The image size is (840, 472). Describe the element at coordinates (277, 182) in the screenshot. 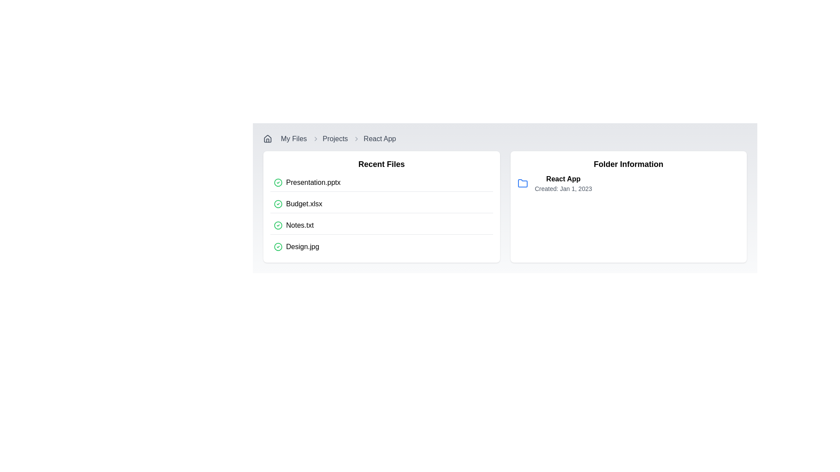

I see `the status icon for the file 'Presentation.pptx' located in the 'Recent Files' section` at that location.